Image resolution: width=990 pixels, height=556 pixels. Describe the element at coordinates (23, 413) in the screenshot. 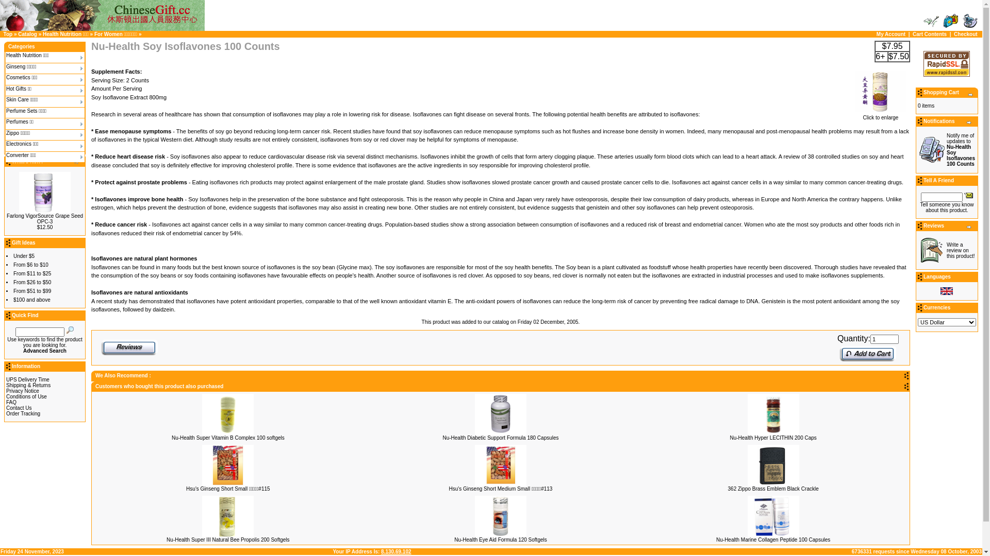

I see `'Order Tracking'` at that location.